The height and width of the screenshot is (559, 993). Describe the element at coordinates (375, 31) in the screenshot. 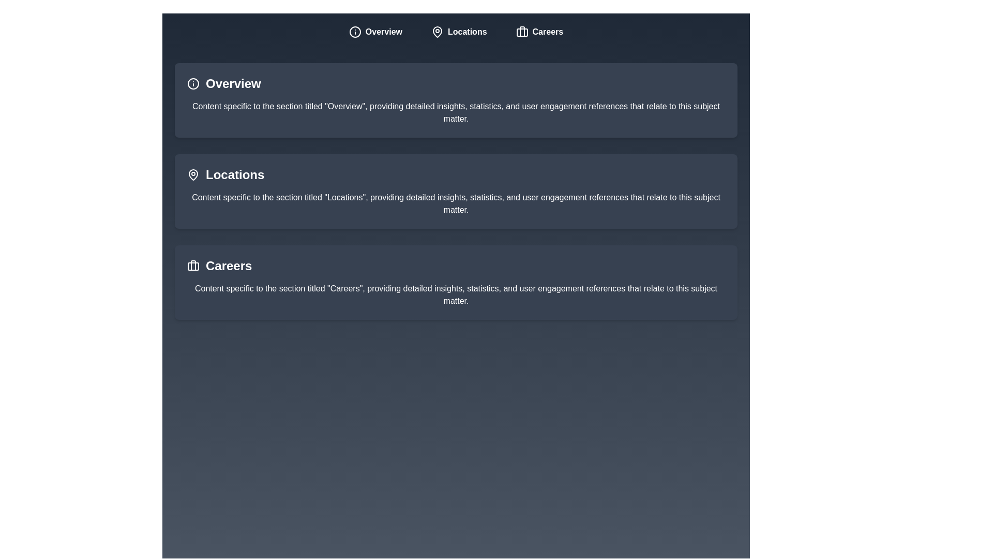

I see `the navigation button displaying an information symbol and the text 'Overview'` at that location.